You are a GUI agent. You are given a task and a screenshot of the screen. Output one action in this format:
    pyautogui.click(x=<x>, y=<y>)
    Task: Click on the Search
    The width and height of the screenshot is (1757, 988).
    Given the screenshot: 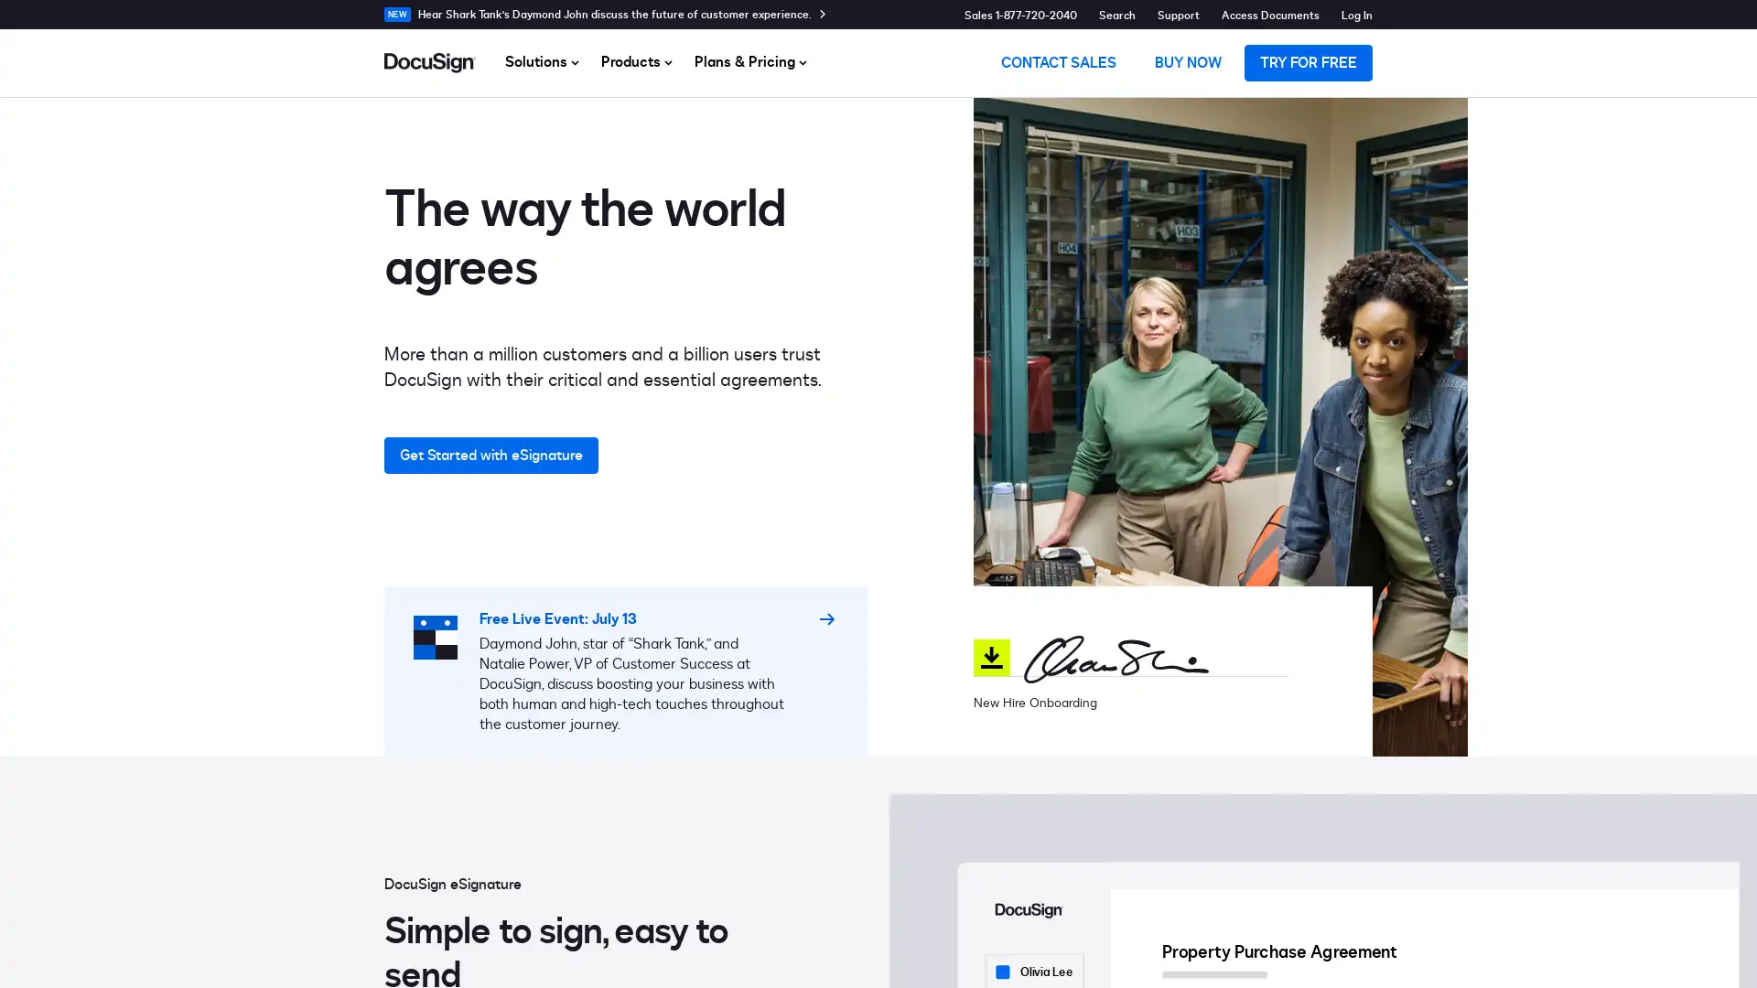 What is the action you would take?
    pyautogui.click(x=1116, y=15)
    